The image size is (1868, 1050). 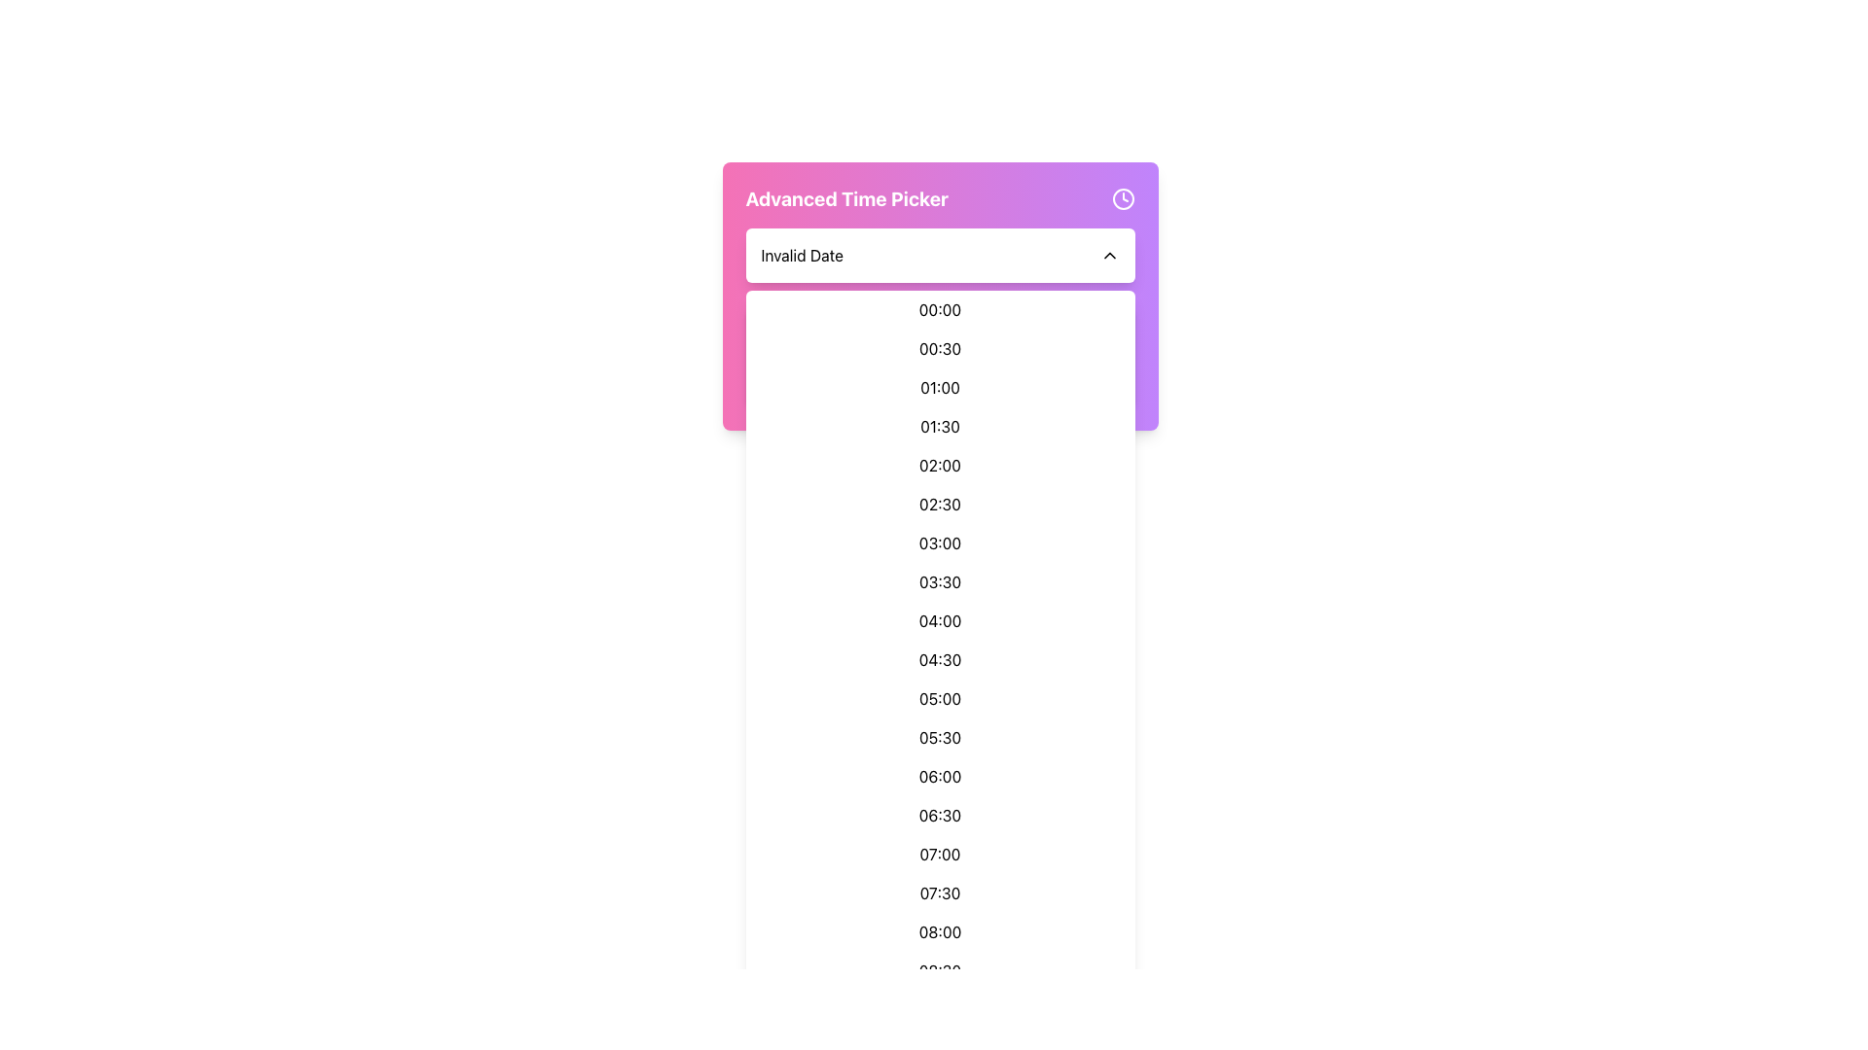 What do you see at coordinates (940, 854) in the screenshot?
I see `the time selection option '07:00' in the dropdown menu` at bounding box center [940, 854].